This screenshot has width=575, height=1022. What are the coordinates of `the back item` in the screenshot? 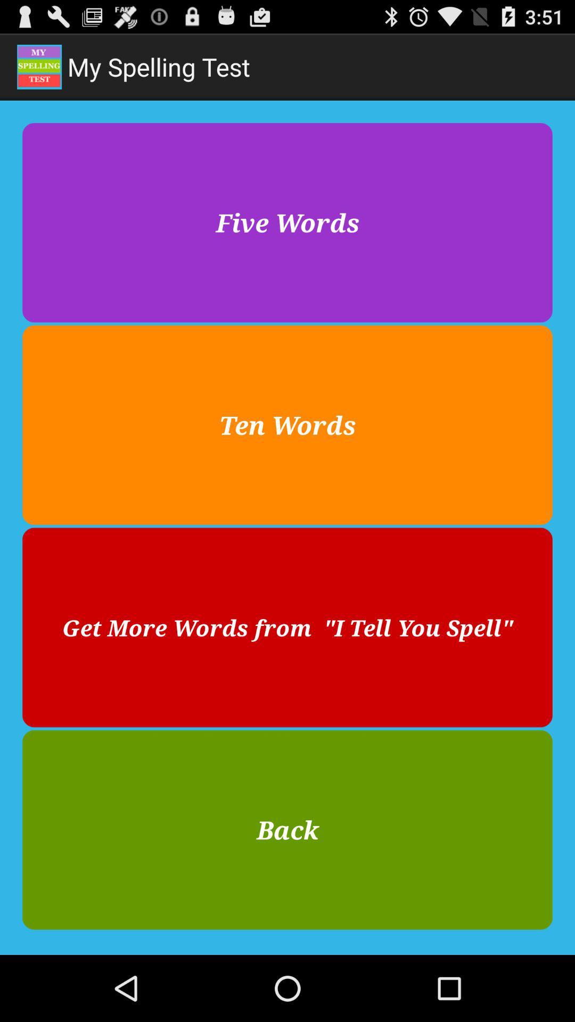 It's located at (287, 829).